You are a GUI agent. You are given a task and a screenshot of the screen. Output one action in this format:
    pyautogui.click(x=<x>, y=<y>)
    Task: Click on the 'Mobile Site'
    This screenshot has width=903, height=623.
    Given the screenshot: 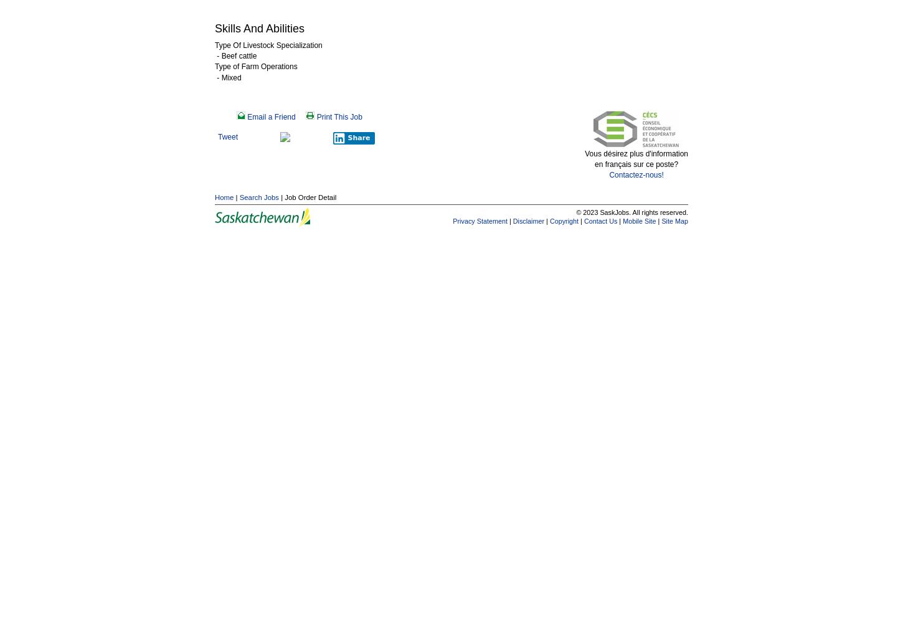 What is the action you would take?
    pyautogui.click(x=639, y=220)
    